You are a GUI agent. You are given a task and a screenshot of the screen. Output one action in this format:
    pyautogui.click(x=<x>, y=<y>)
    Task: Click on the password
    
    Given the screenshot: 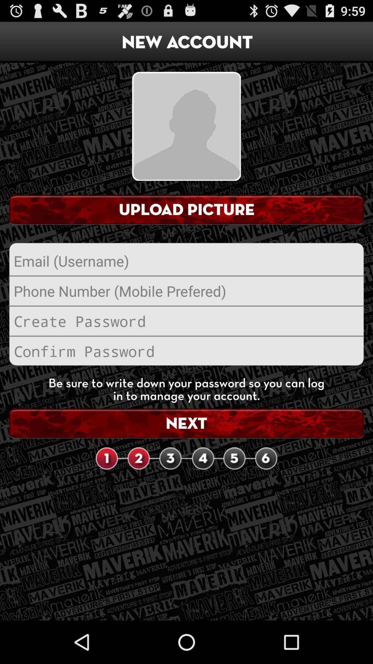 What is the action you would take?
    pyautogui.click(x=186, y=321)
    